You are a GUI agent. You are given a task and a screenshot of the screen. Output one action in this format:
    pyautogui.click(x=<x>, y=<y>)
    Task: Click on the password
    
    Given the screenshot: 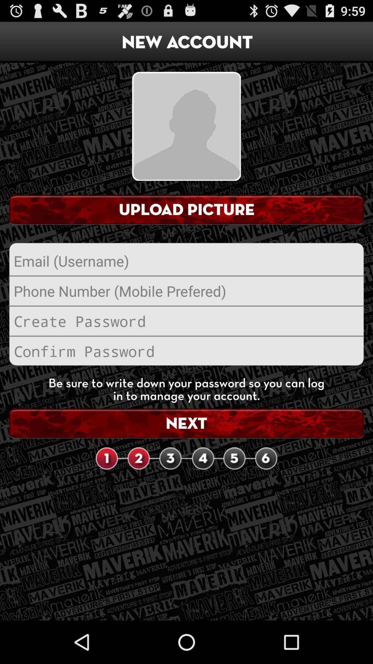 What is the action you would take?
    pyautogui.click(x=186, y=321)
    